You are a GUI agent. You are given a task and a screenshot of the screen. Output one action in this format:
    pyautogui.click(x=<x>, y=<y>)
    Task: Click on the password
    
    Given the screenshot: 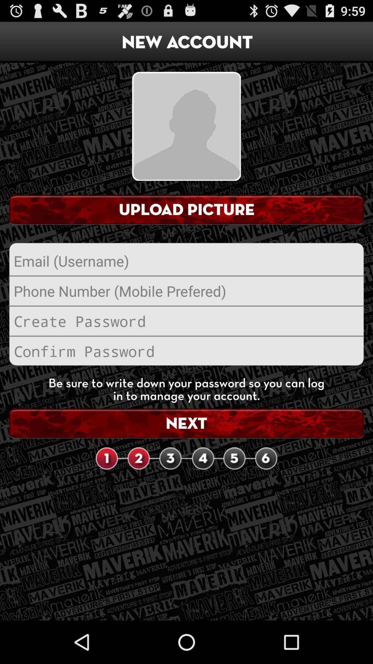 What is the action you would take?
    pyautogui.click(x=186, y=321)
    